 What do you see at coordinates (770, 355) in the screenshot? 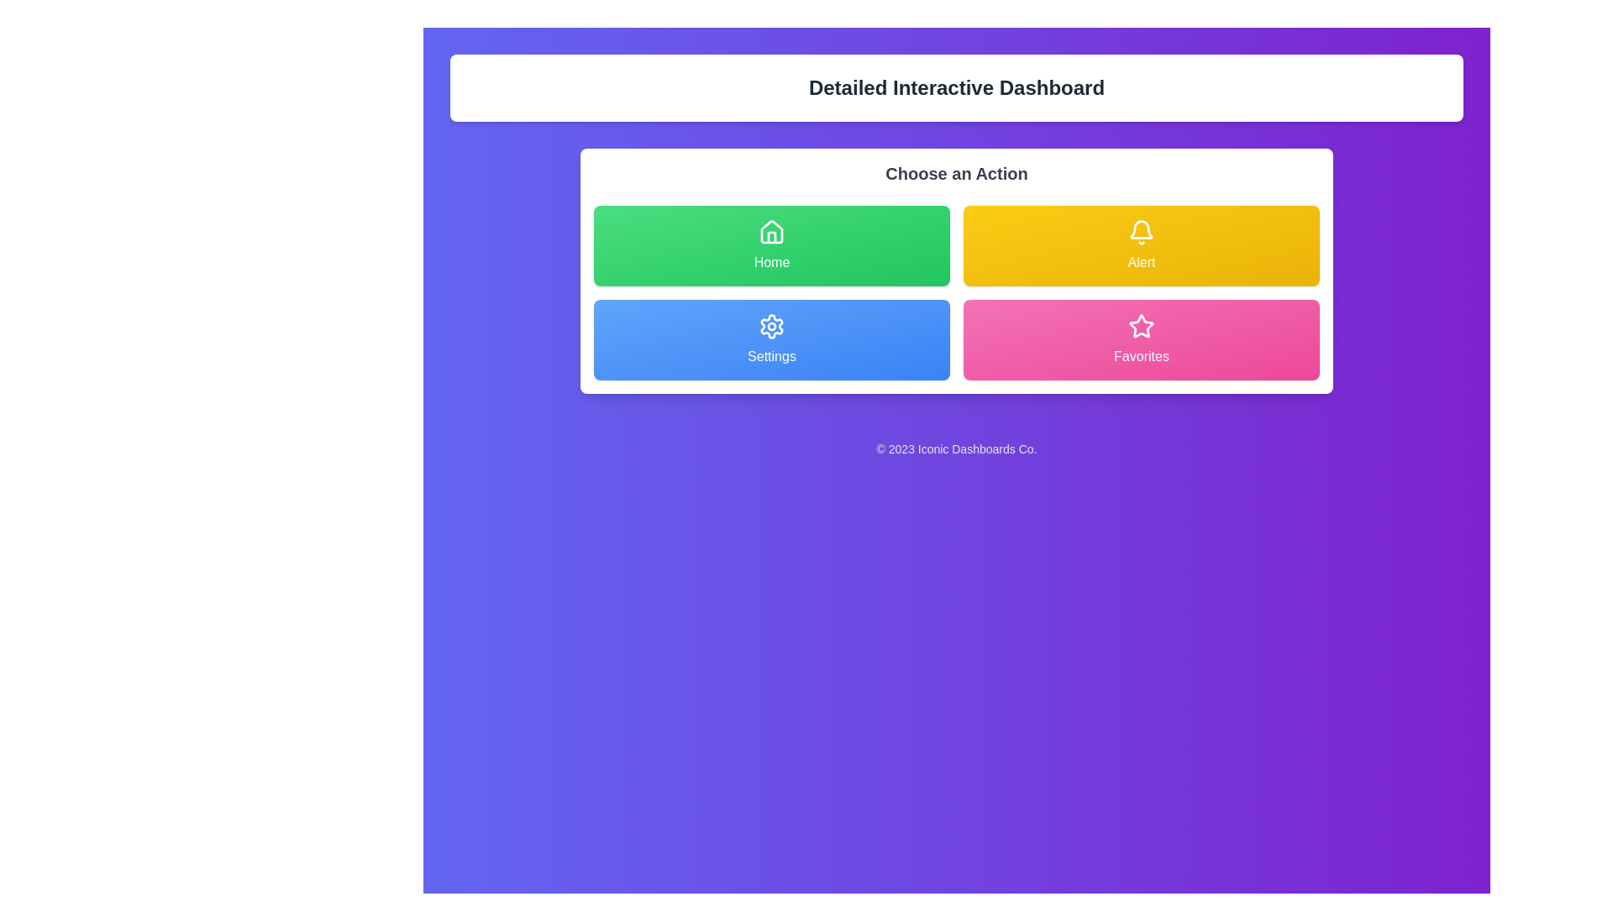
I see `text label that identifies the 'Settings' option located at the bottom of the 'Settings' card in the bottom-left area of the interface` at bounding box center [770, 355].